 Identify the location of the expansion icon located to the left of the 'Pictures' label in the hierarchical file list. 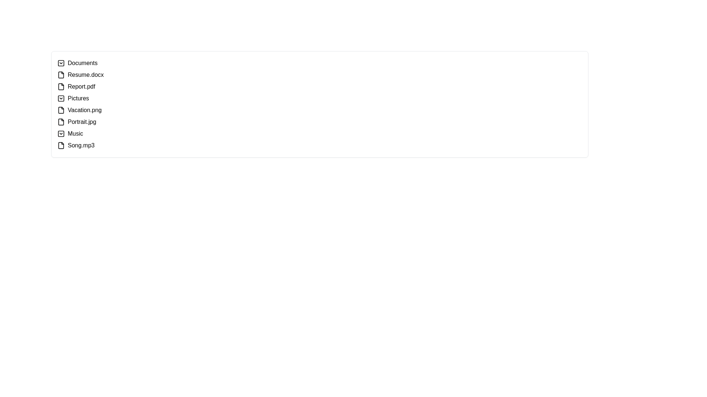
(61, 98).